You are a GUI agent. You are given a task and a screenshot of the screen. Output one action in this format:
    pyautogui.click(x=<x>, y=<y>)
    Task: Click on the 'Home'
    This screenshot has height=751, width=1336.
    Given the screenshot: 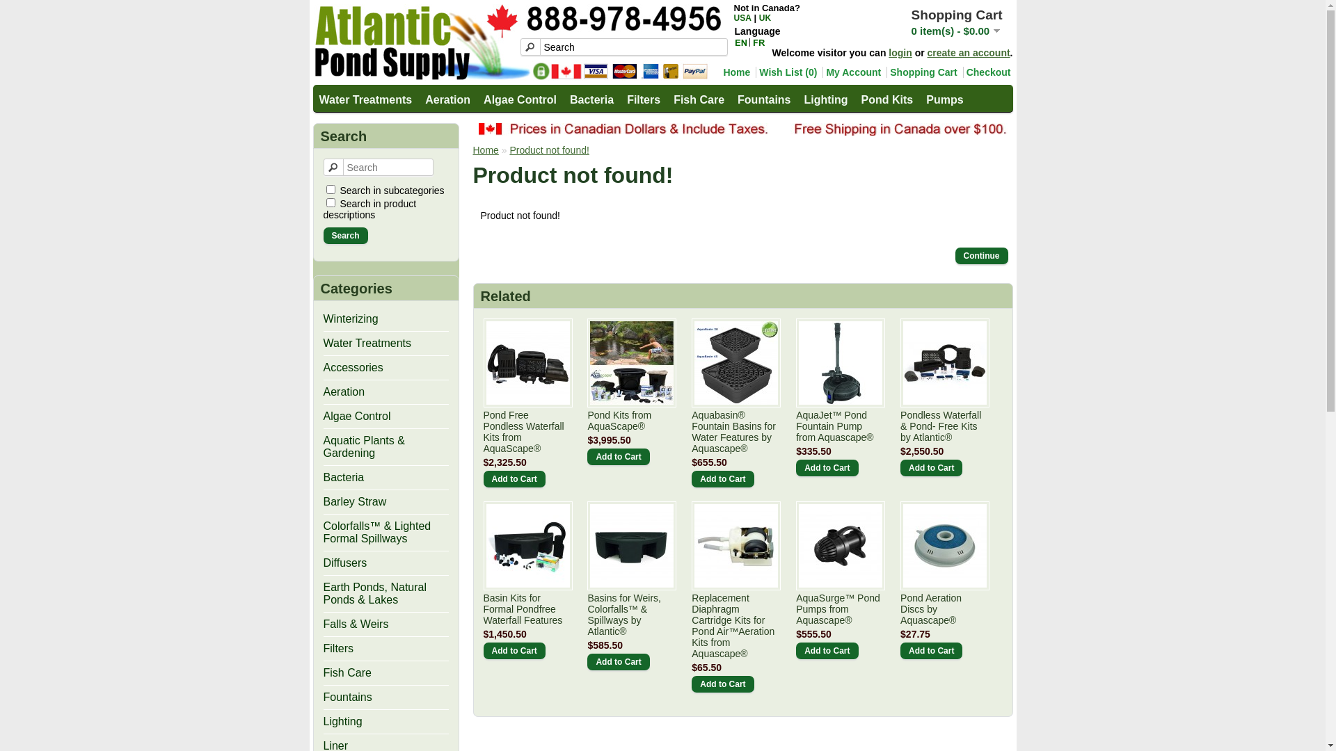 What is the action you would take?
    pyautogui.click(x=473, y=150)
    